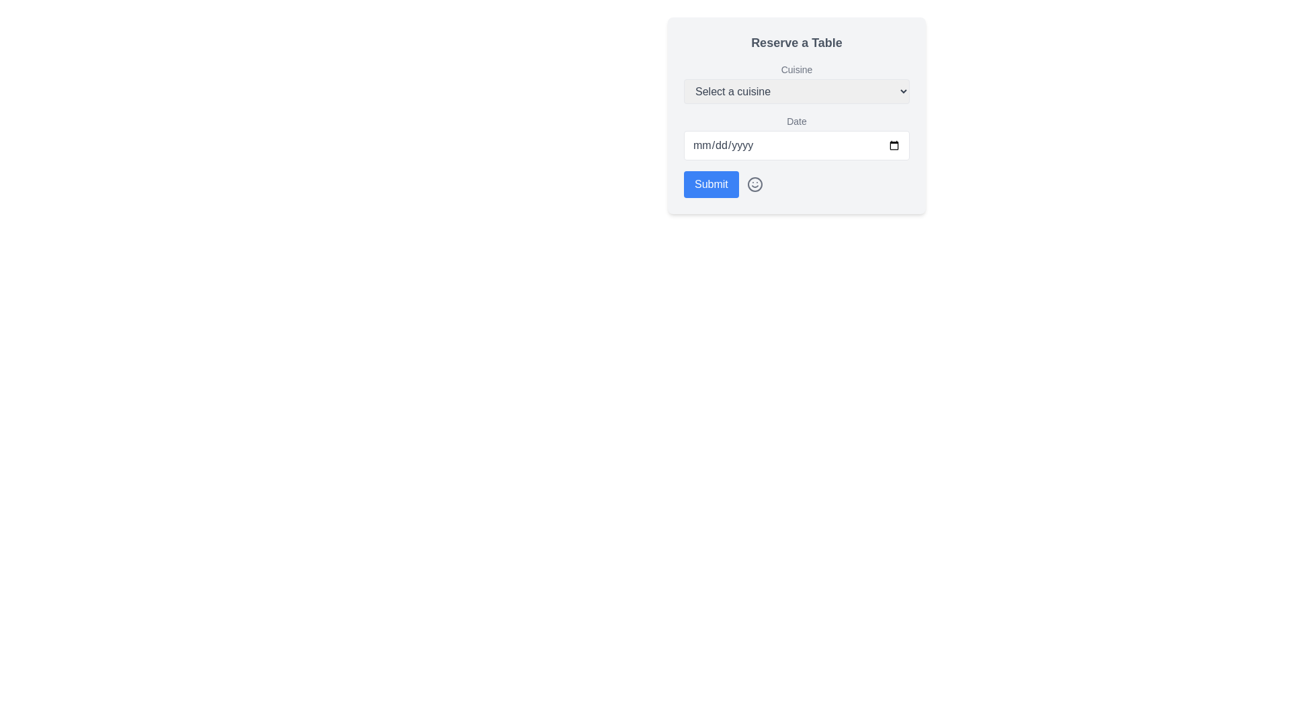 This screenshot has height=725, width=1290. Describe the element at coordinates (755, 184) in the screenshot. I see `the SVG circle element that is part of a smiley face icon, located to the right of the 'Submit' button in the reservation form` at that location.